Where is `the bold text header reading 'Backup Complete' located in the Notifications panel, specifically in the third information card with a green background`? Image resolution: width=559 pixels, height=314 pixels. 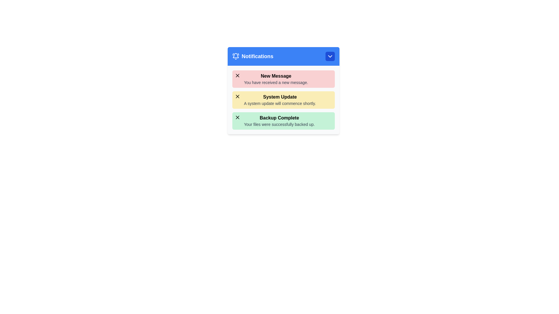 the bold text header reading 'Backup Complete' located in the Notifications panel, specifically in the third information card with a green background is located at coordinates (279, 118).